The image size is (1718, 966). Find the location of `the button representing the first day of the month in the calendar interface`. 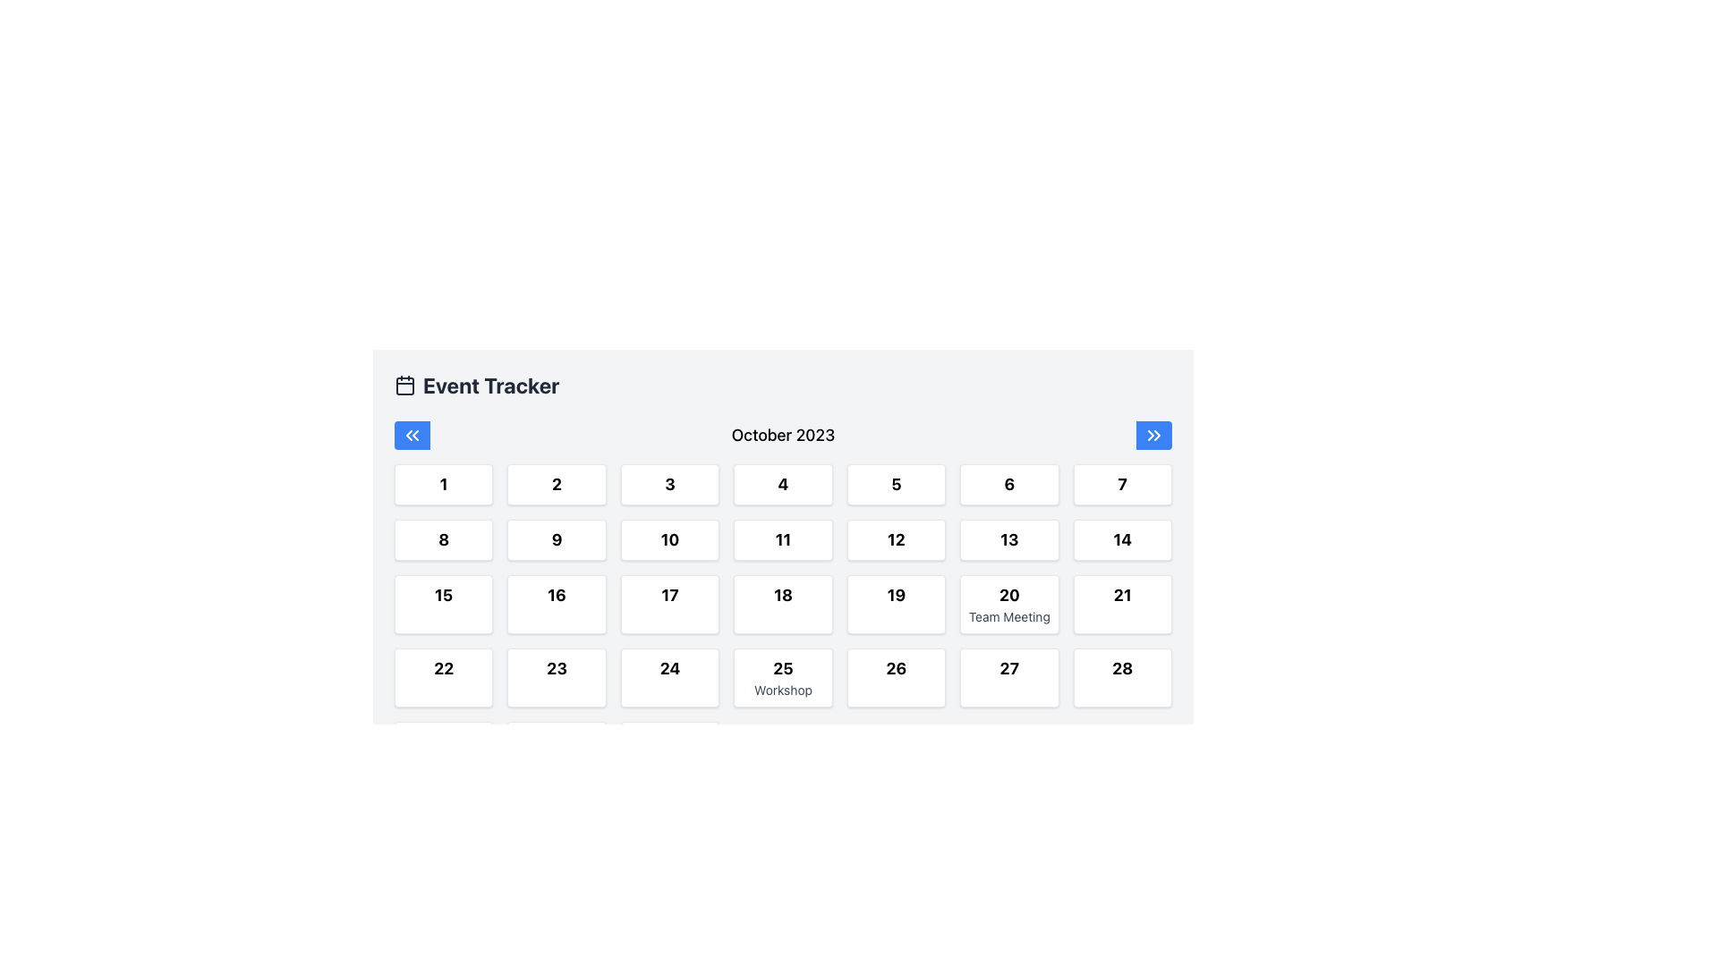

the button representing the first day of the month in the calendar interface is located at coordinates (444, 485).